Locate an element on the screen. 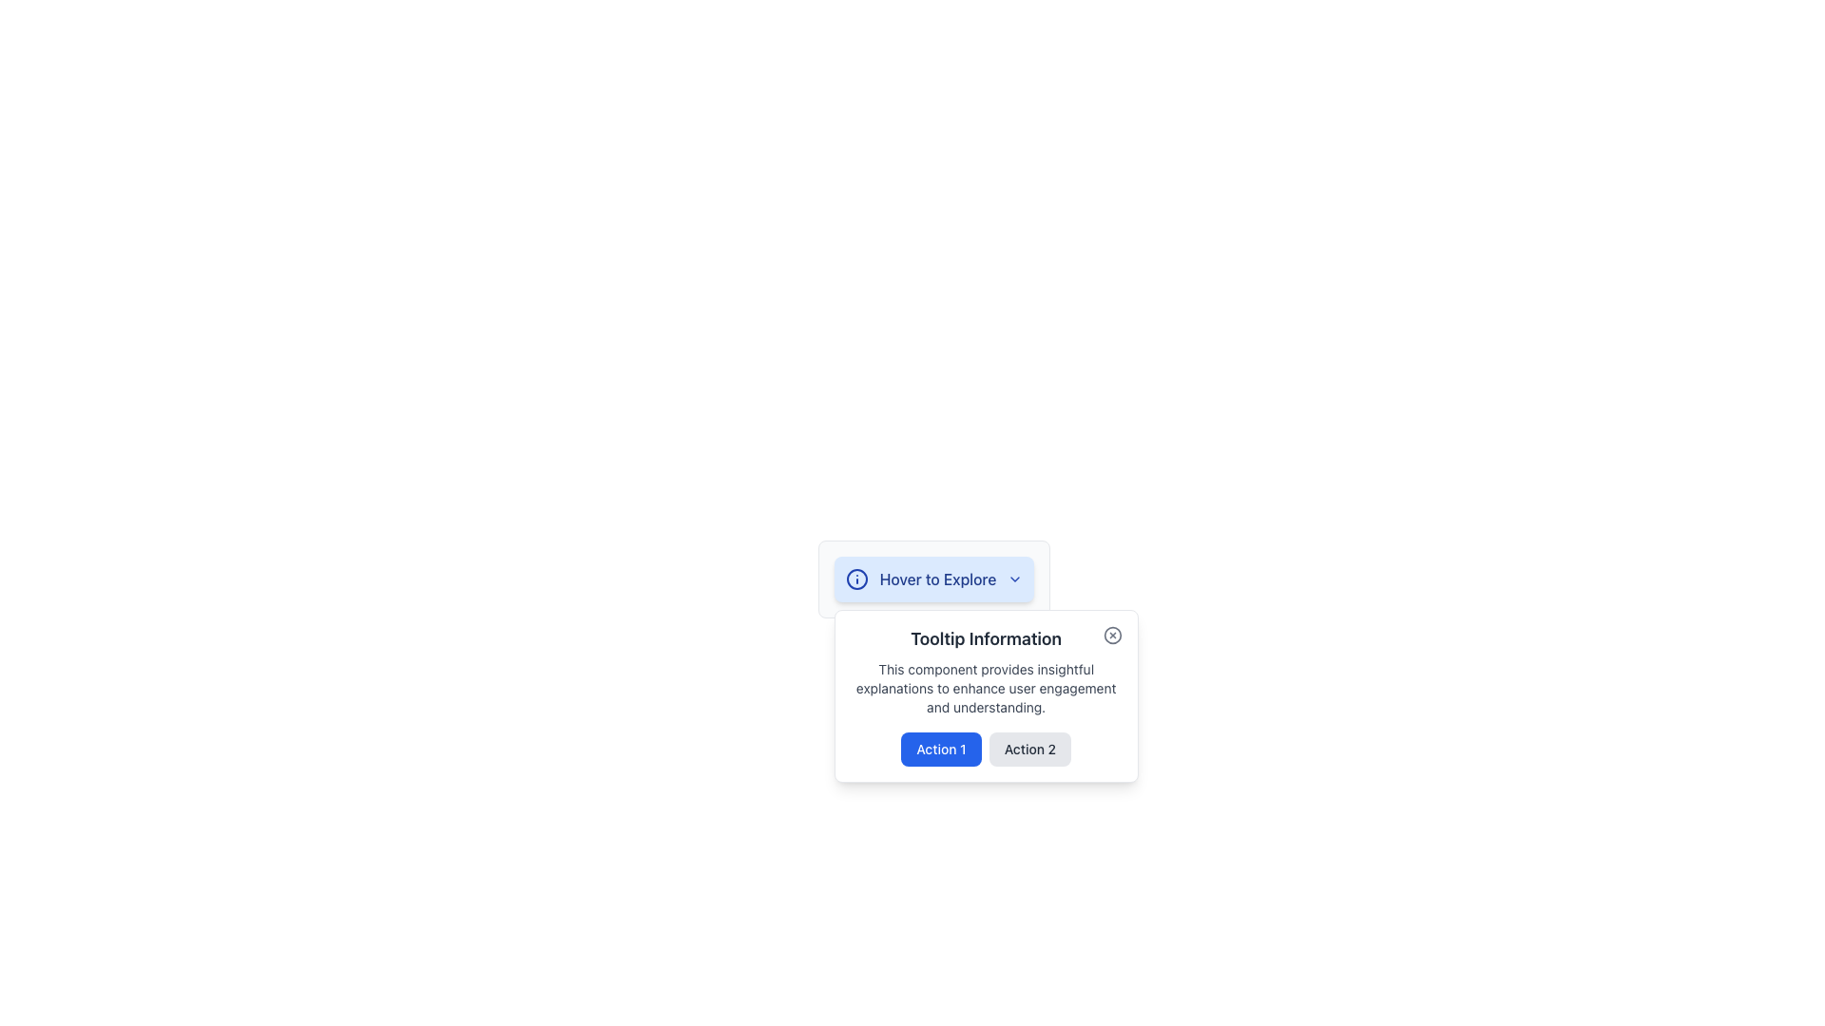 Image resolution: width=1825 pixels, height=1026 pixels. the circular SVG element located in the top-right corner of the tooltip, which serves as a decorative or functional part of the close button is located at coordinates (1112, 635).